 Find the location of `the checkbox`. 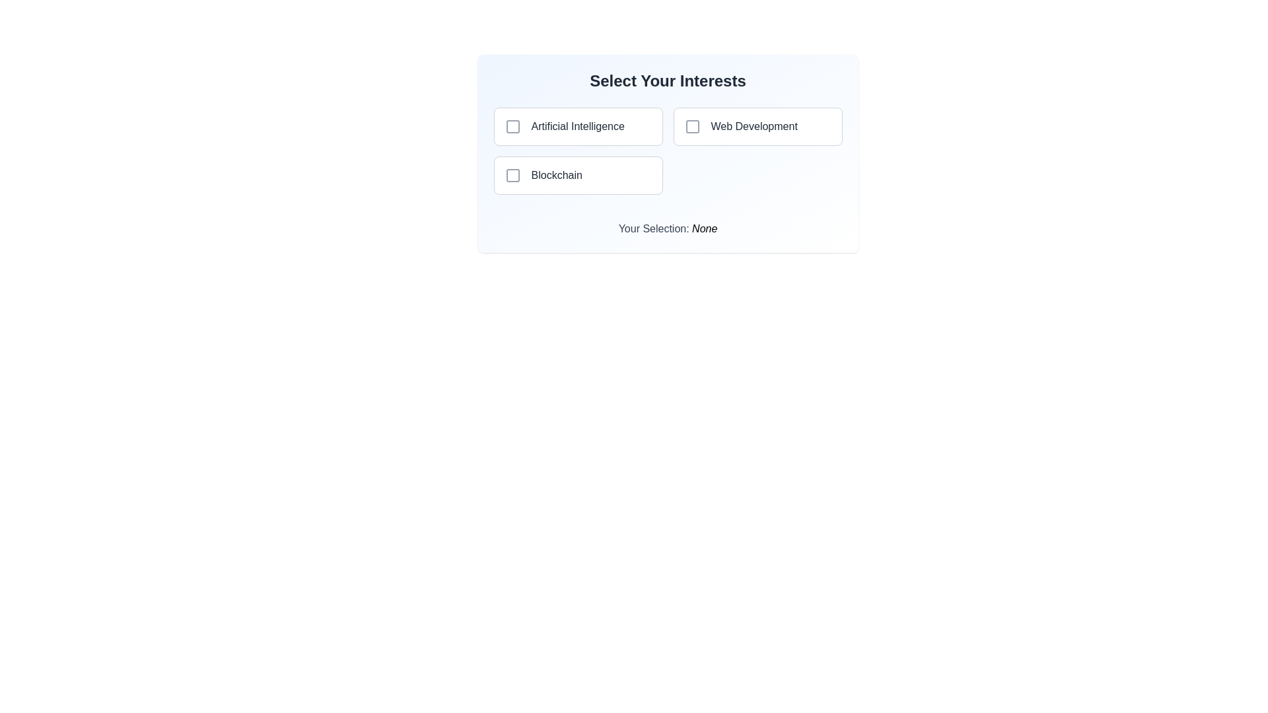

the checkbox is located at coordinates (578, 175).